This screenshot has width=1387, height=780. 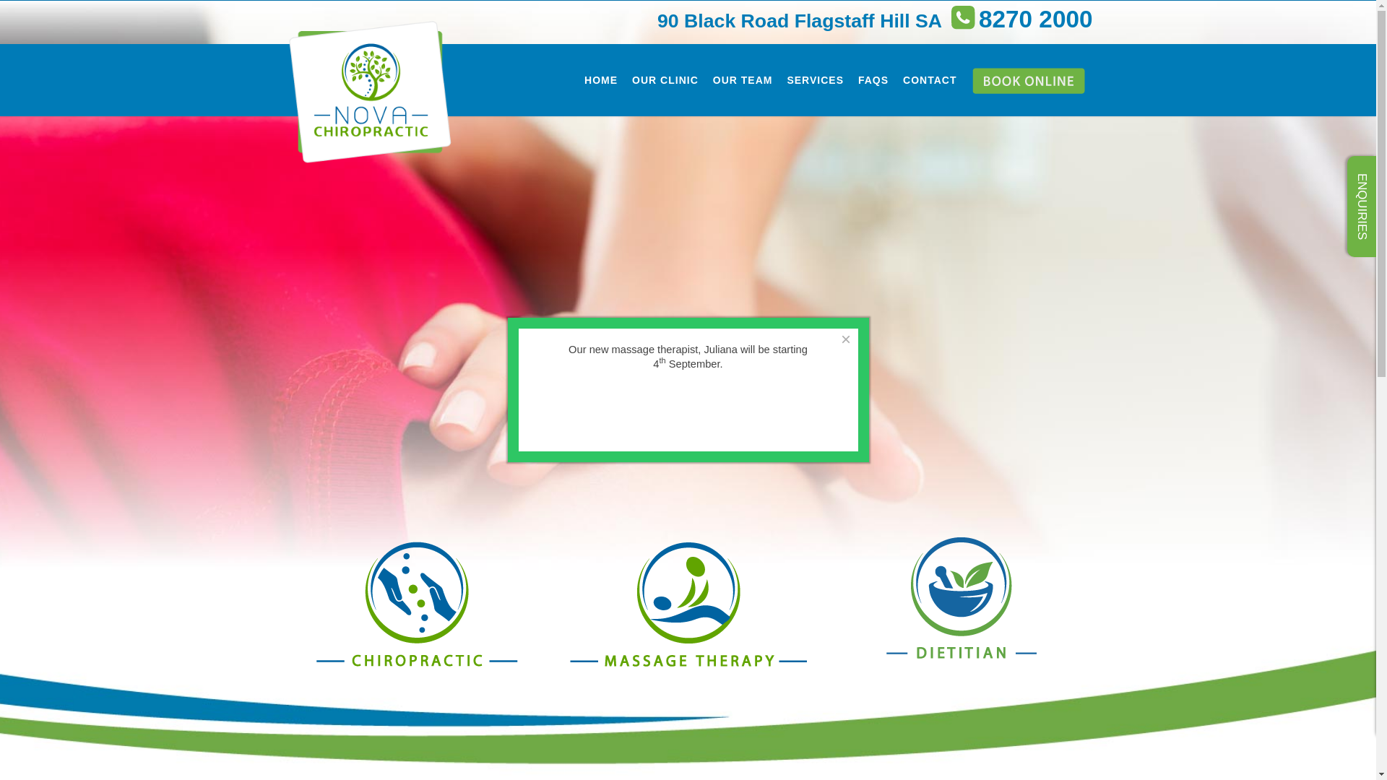 What do you see at coordinates (624, 80) in the screenshot?
I see `'OUR CLINIC'` at bounding box center [624, 80].